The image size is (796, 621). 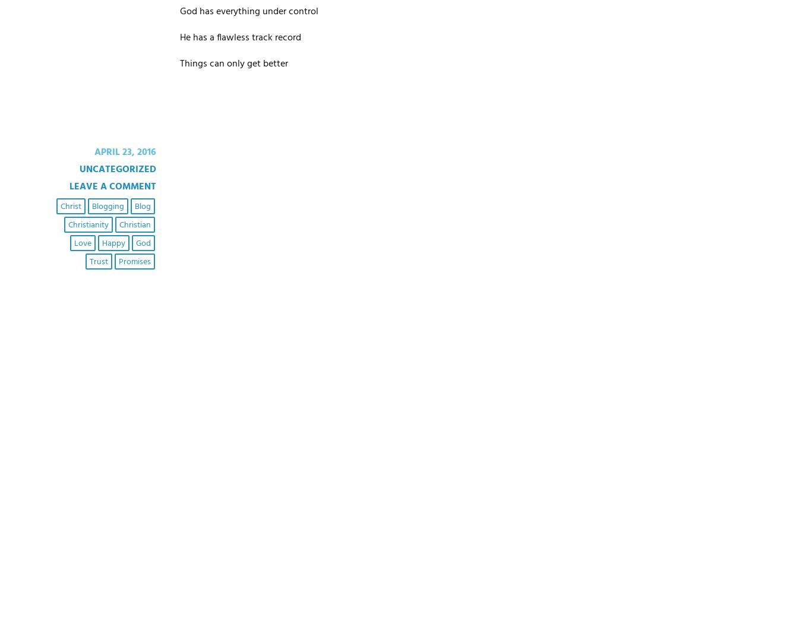 I want to click on 'love', so click(x=73, y=243).